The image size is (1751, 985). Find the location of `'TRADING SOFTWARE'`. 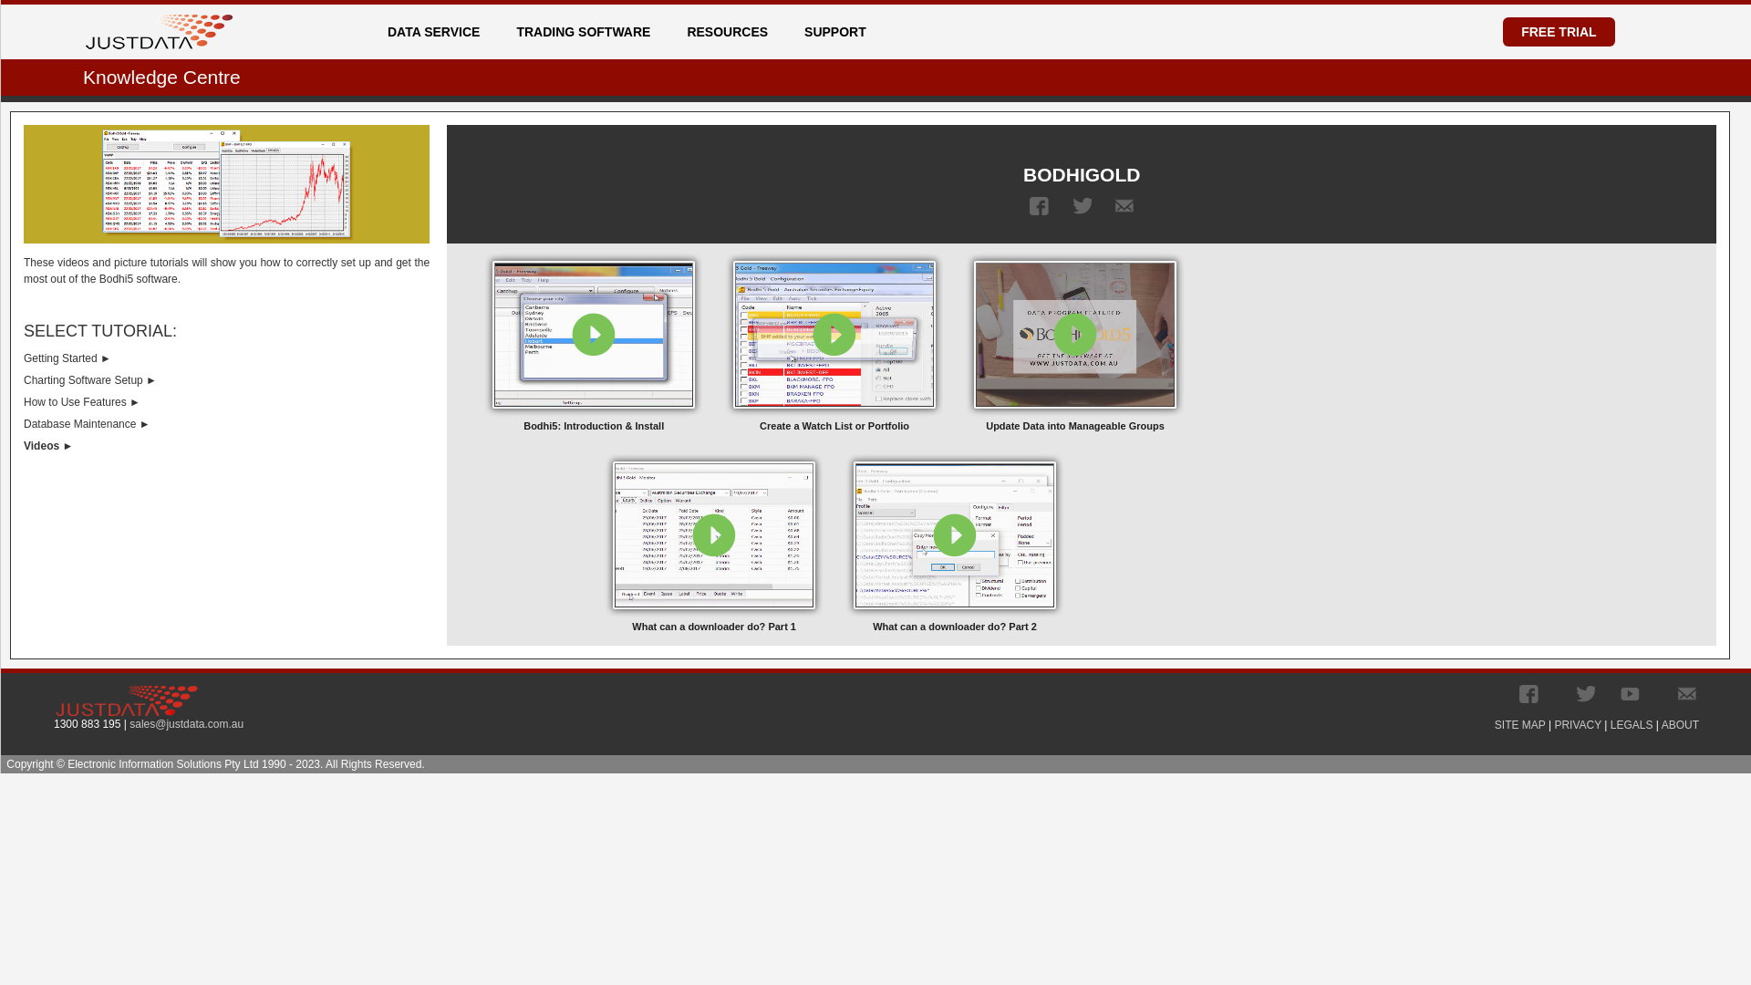

'TRADING SOFTWARE' is located at coordinates (589, 31).